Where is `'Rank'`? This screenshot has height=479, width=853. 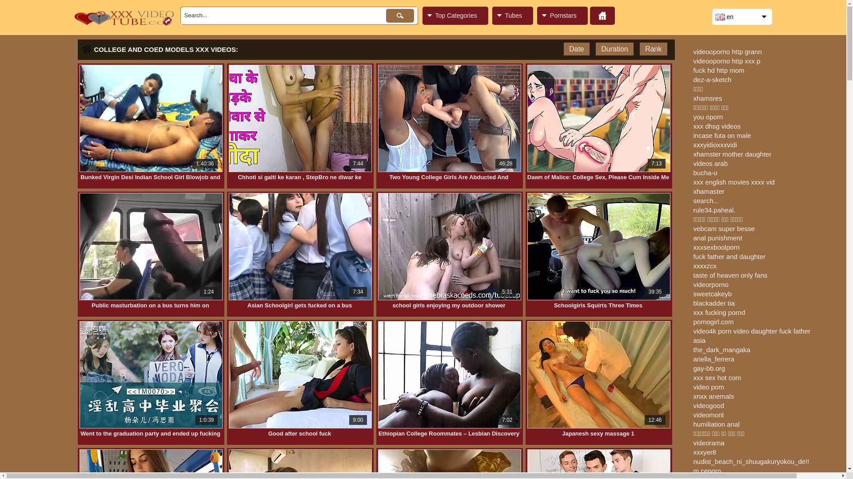 'Rank' is located at coordinates (653, 49).